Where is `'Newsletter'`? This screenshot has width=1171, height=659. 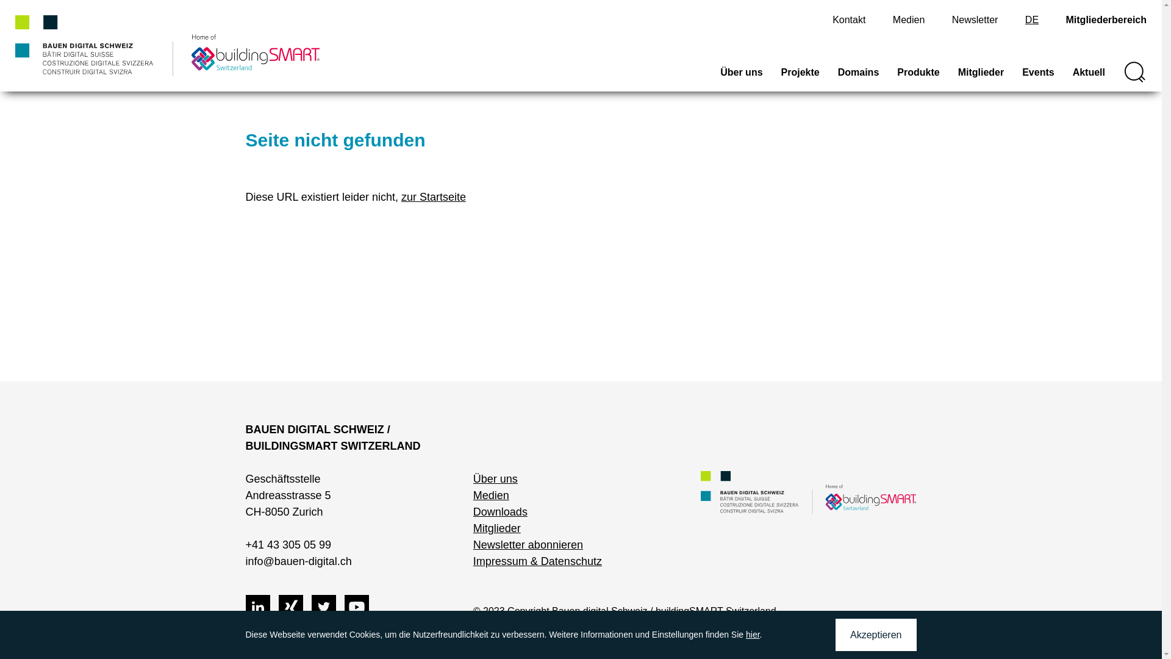
'Newsletter' is located at coordinates (974, 20).